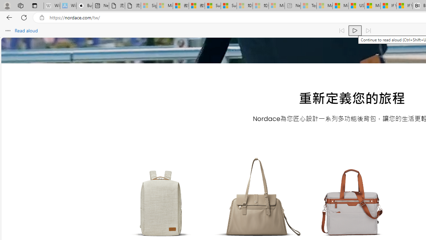  I want to click on 'Sign in to your Microsoft account - Sleeping', so click(148, 6).